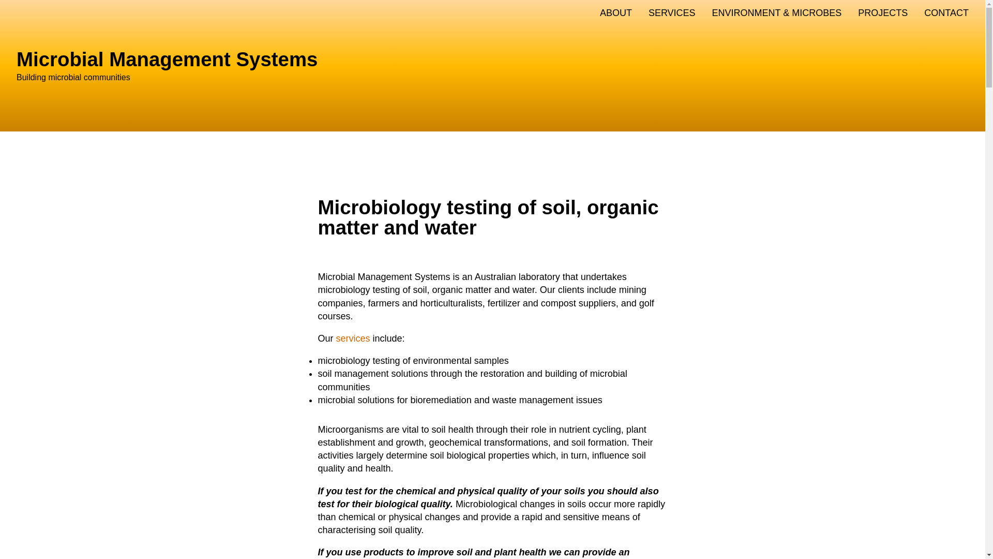  I want to click on 'ABOUT', so click(615, 13).